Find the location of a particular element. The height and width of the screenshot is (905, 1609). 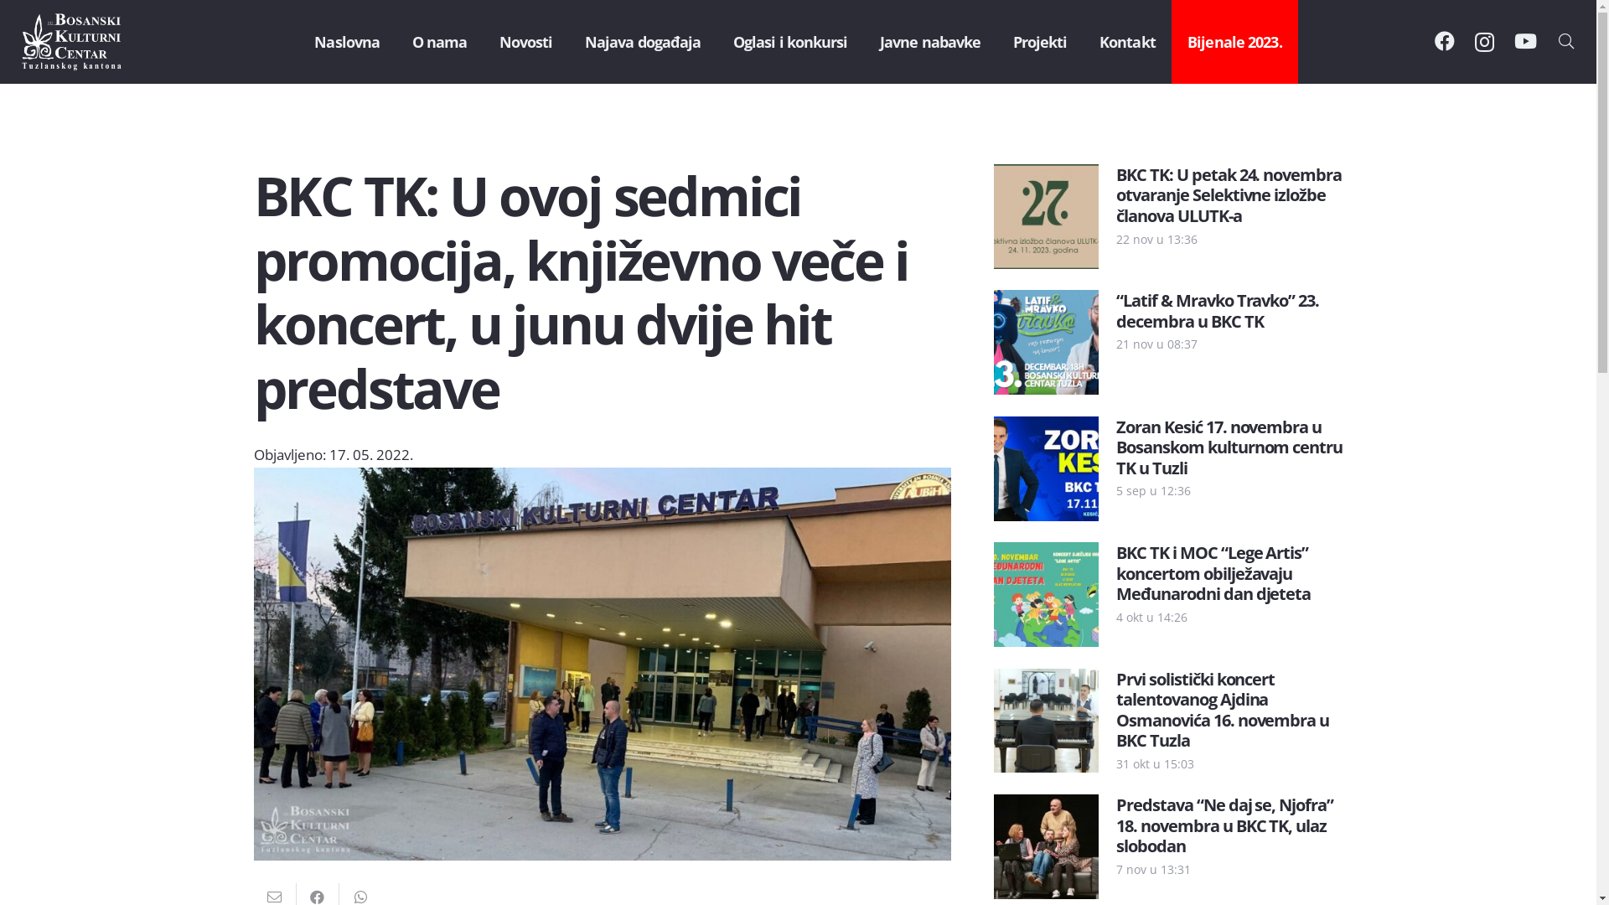

'O nama' is located at coordinates (394, 41).